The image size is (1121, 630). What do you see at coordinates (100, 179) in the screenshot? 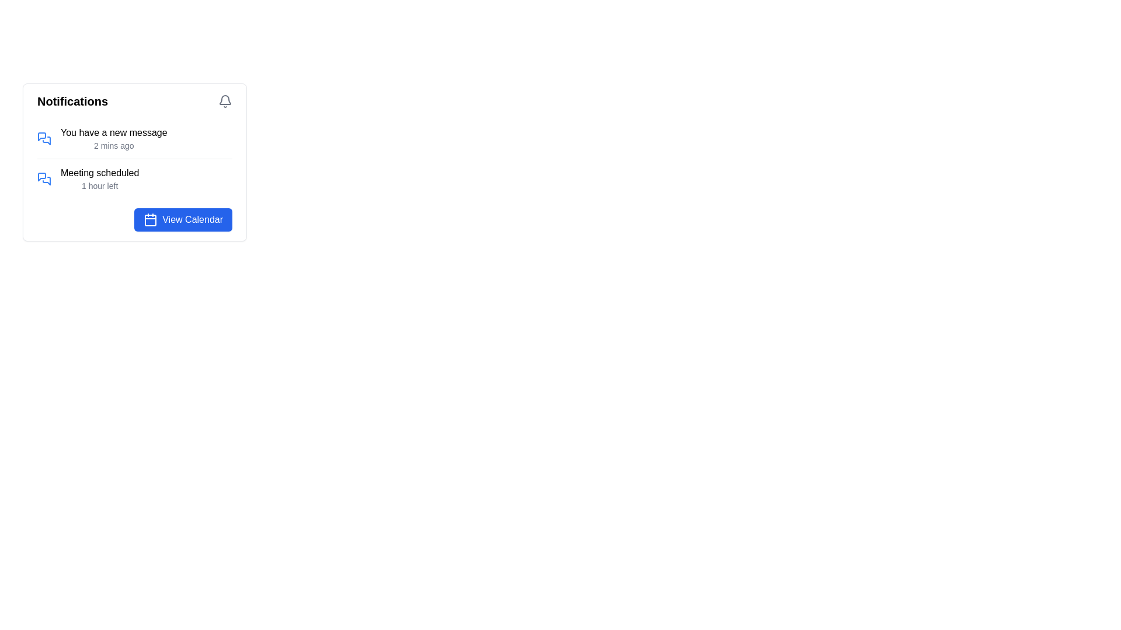
I see `text in the second notification slot of the vertical list within the notification panel, which informs the user about a scheduled meeting and the remaining time before it starts` at bounding box center [100, 179].